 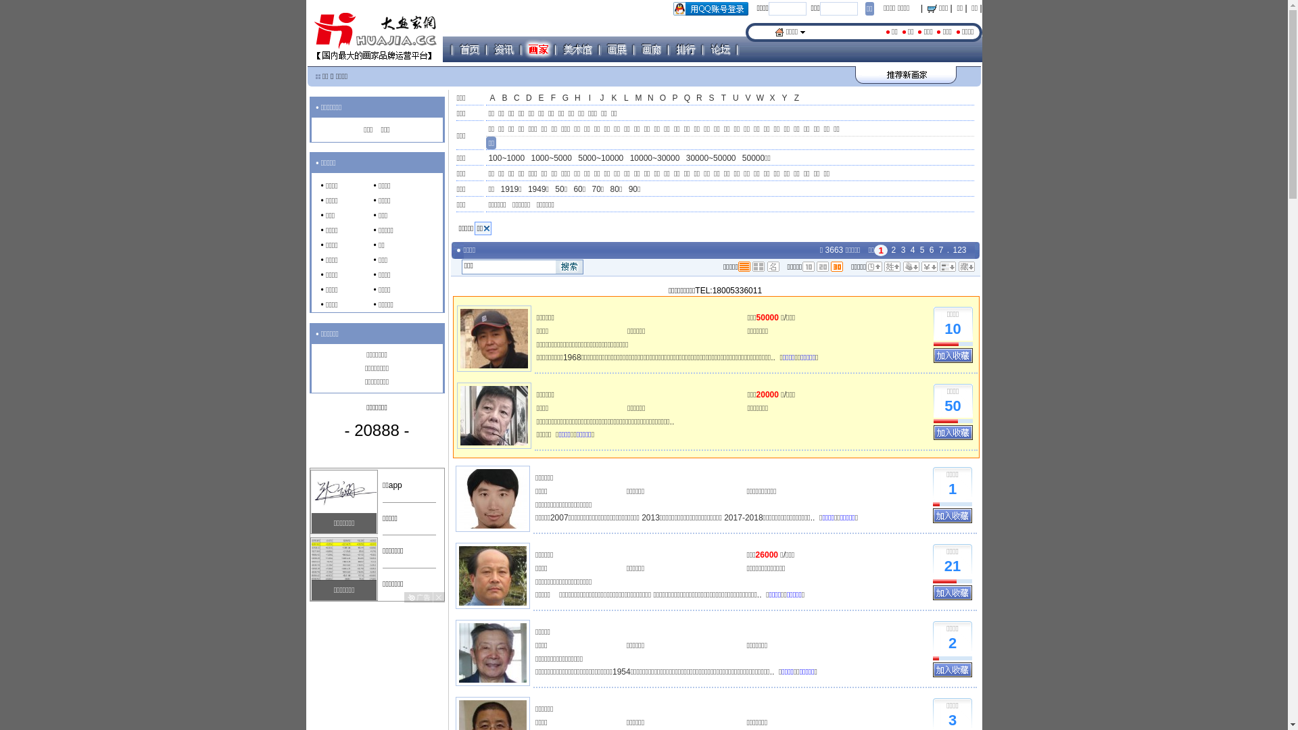 I want to click on 'K', so click(x=612, y=98).